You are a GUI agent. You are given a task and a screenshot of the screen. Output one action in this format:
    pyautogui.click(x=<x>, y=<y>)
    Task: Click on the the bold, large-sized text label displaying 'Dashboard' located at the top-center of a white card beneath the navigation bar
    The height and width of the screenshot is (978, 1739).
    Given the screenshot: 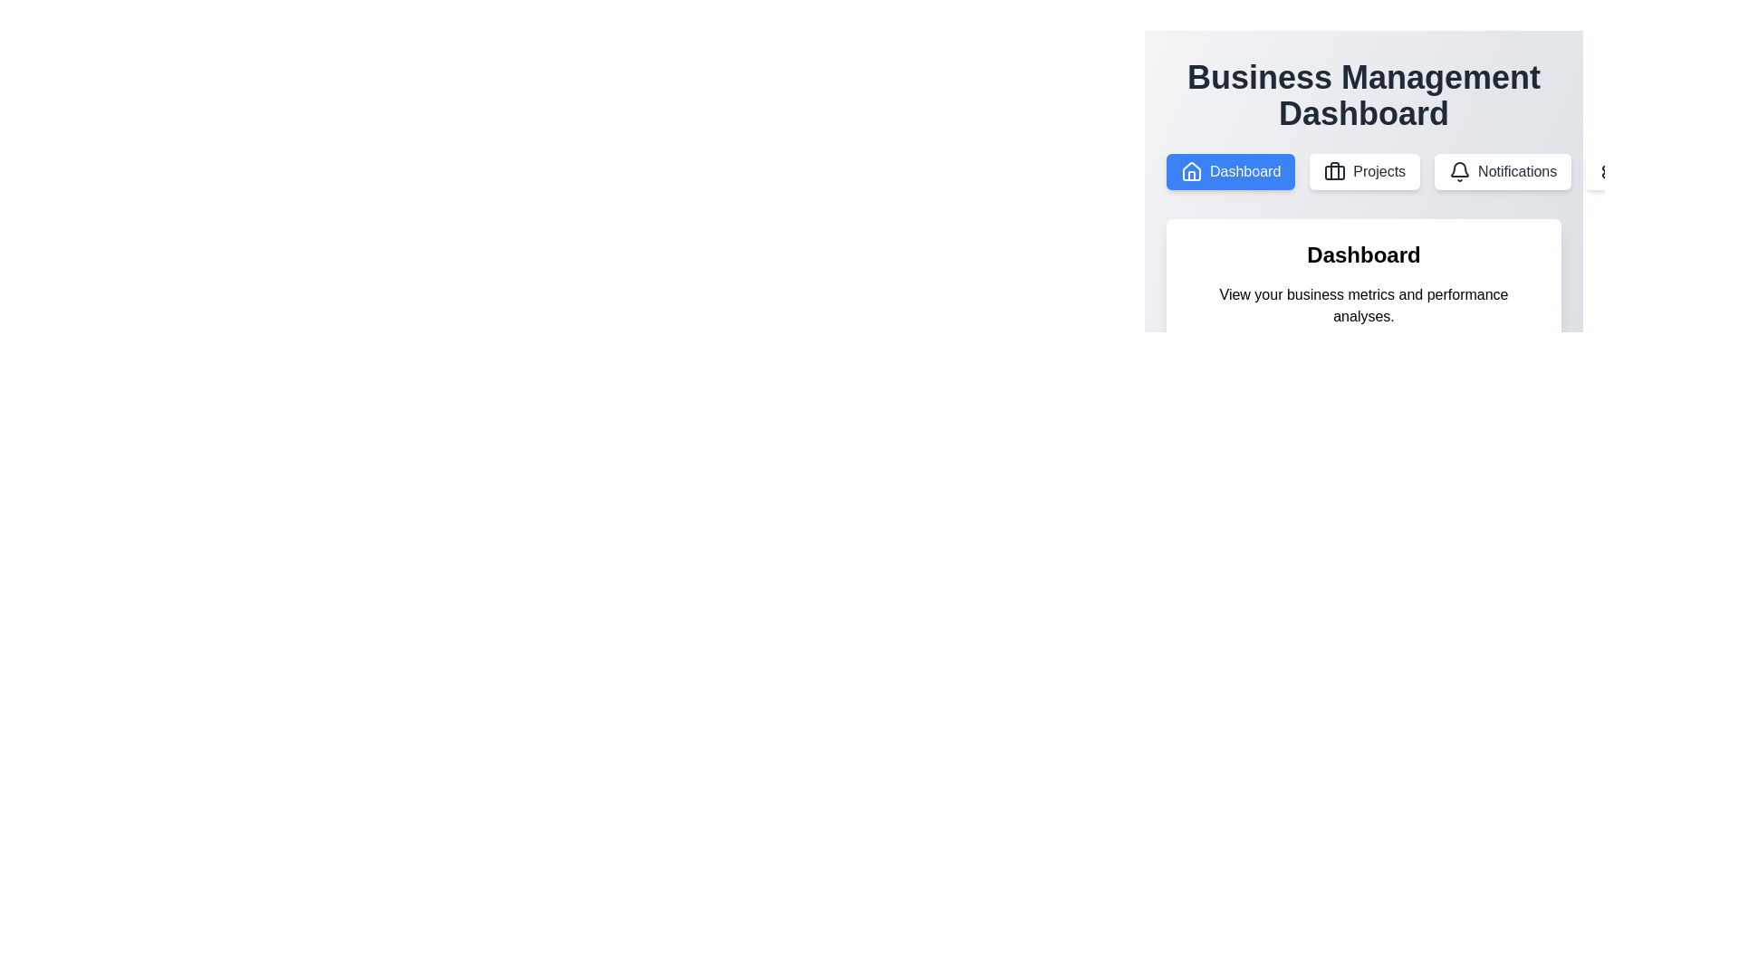 What is the action you would take?
    pyautogui.click(x=1364, y=254)
    